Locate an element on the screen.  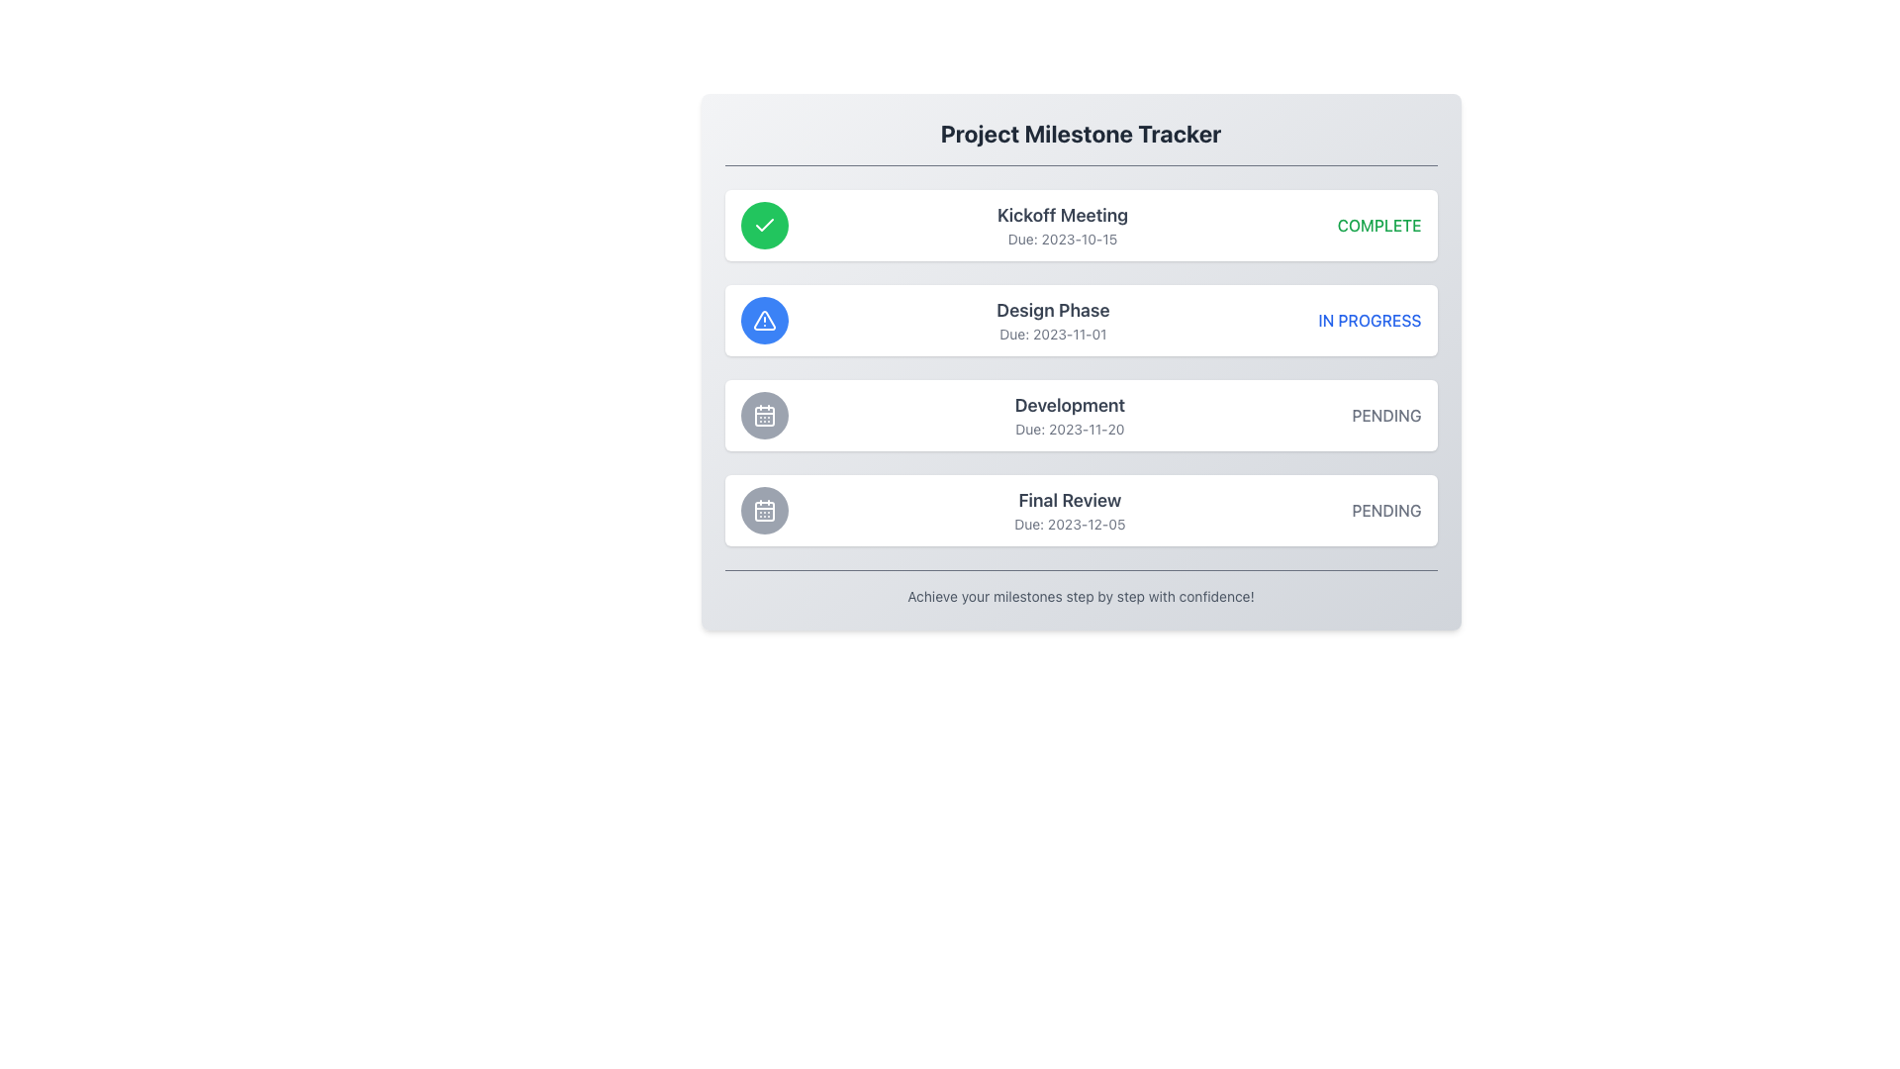
the text label displaying the due date for the 'Design Phase' milestone, which is located in the top-center region of the 'Design Phase' section, just below the bolded 'Design Phase' text is located at coordinates (1052, 334).